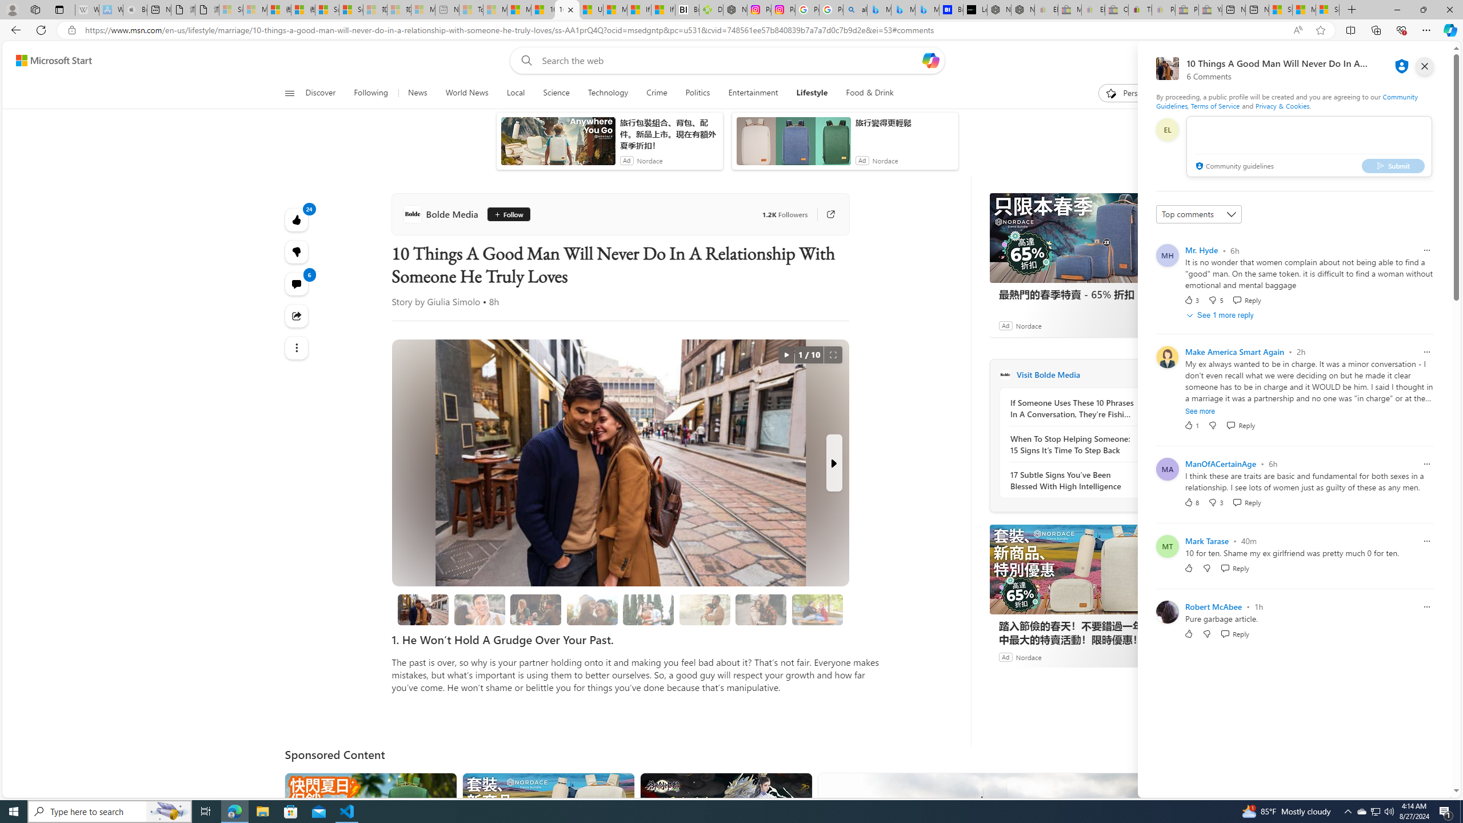  What do you see at coordinates (442, 214) in the screenshot?
I see `'Bolde Media'` at bounding box center [442, 214].